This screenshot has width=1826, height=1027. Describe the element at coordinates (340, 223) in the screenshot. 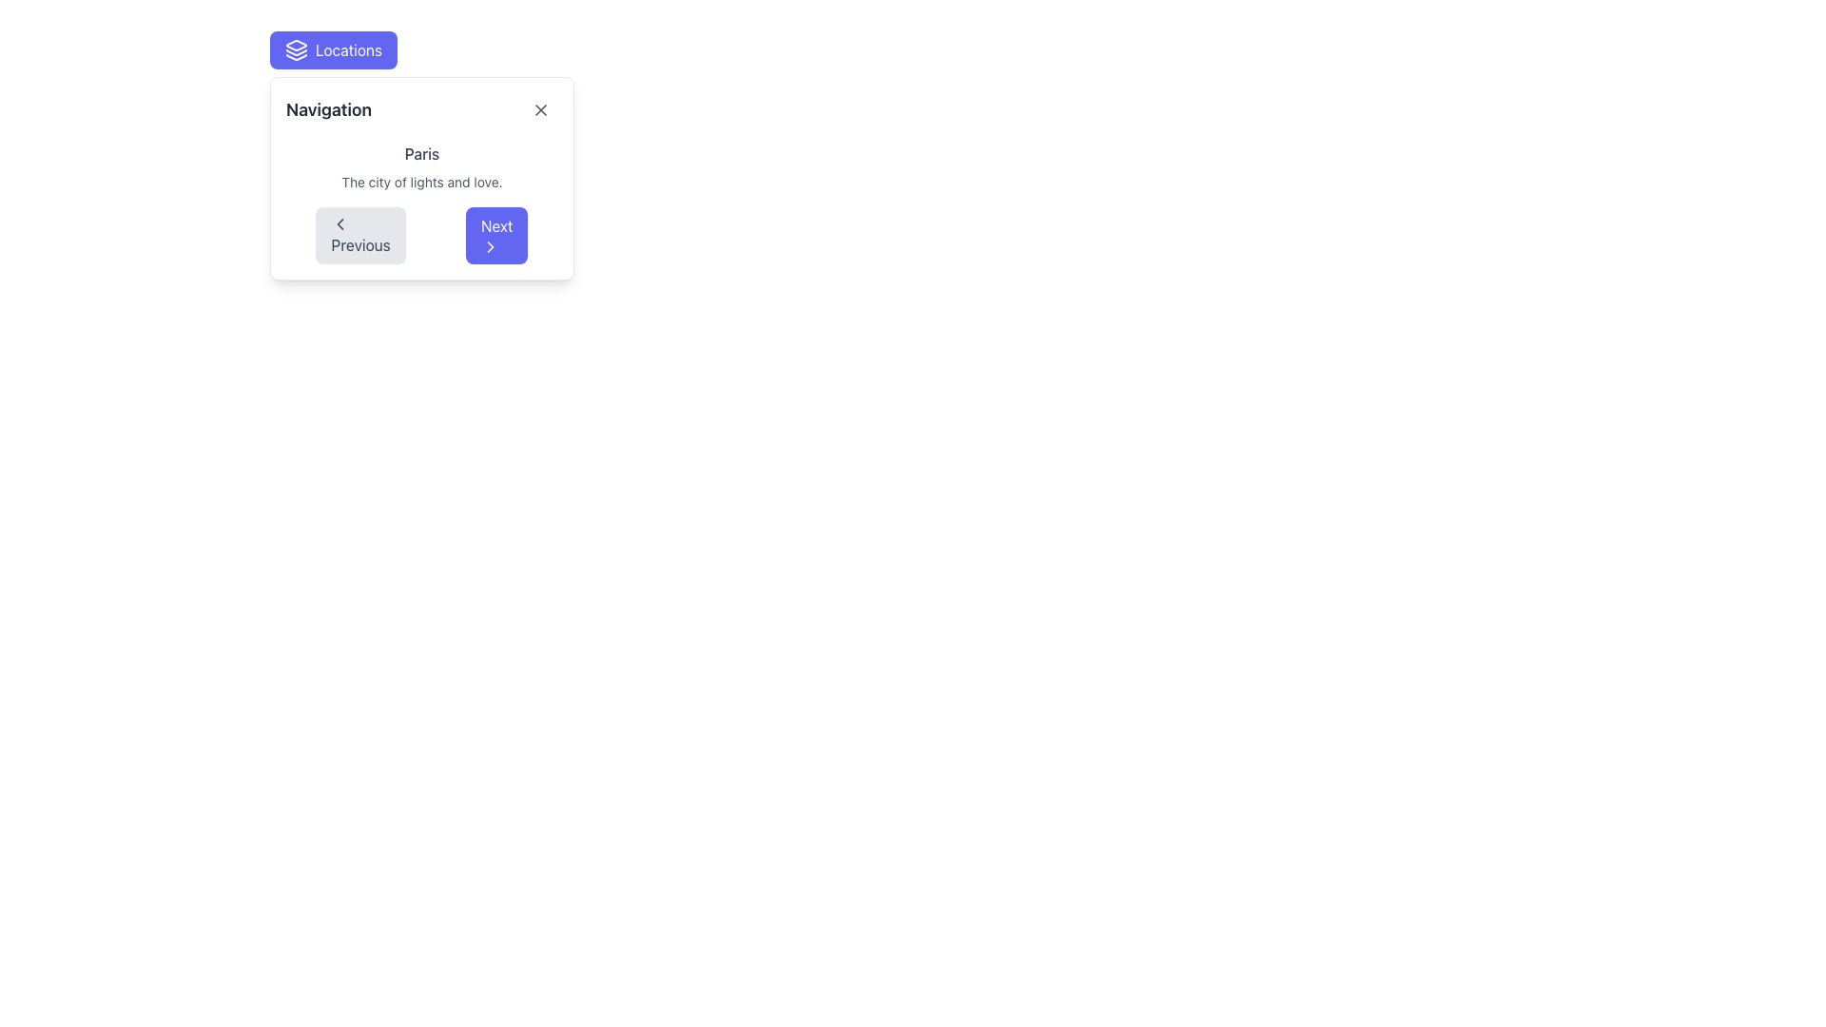

I see `the 'Previous' button which contains the leftward navigation chevron icon in the SVG graphic` at that location.